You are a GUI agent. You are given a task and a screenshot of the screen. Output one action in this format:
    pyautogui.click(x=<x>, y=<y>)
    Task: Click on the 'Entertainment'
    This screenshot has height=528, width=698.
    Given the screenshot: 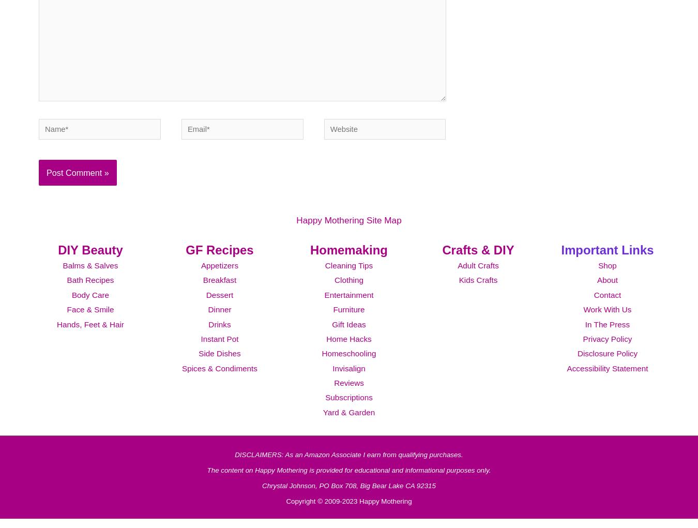 What is the action you would take?
    pyautogui.click(x=348, y=308)
    